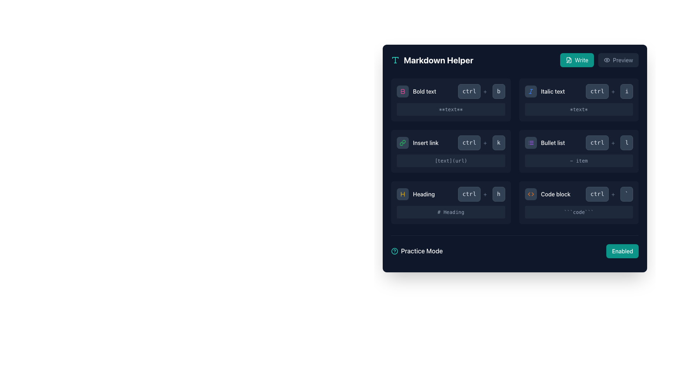 This screenshot has width=676, height=380. I want to click on the keyboard shortcut indication element displaying 'ctrl + b', so click(481, 91).